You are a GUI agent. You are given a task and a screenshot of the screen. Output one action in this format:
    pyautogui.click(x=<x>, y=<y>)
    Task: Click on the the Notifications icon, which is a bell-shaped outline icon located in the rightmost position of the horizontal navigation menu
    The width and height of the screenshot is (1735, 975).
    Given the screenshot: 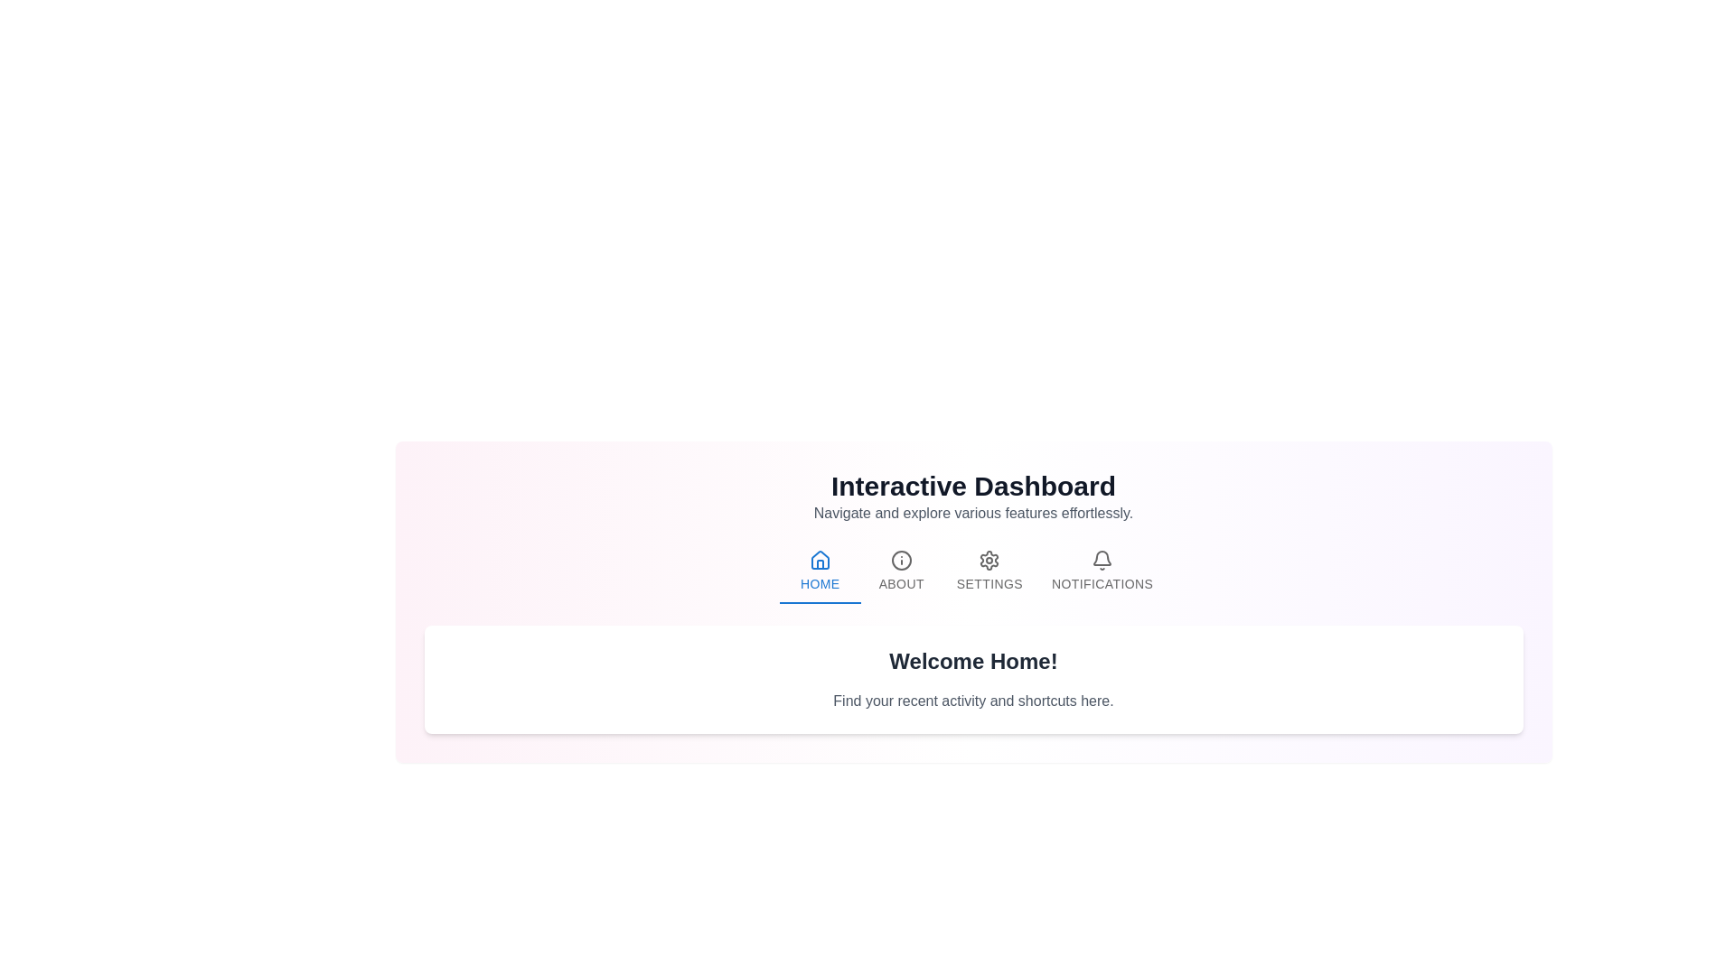 What is the action you would take?
    pyautogui.click(x=1102, y=560)
    